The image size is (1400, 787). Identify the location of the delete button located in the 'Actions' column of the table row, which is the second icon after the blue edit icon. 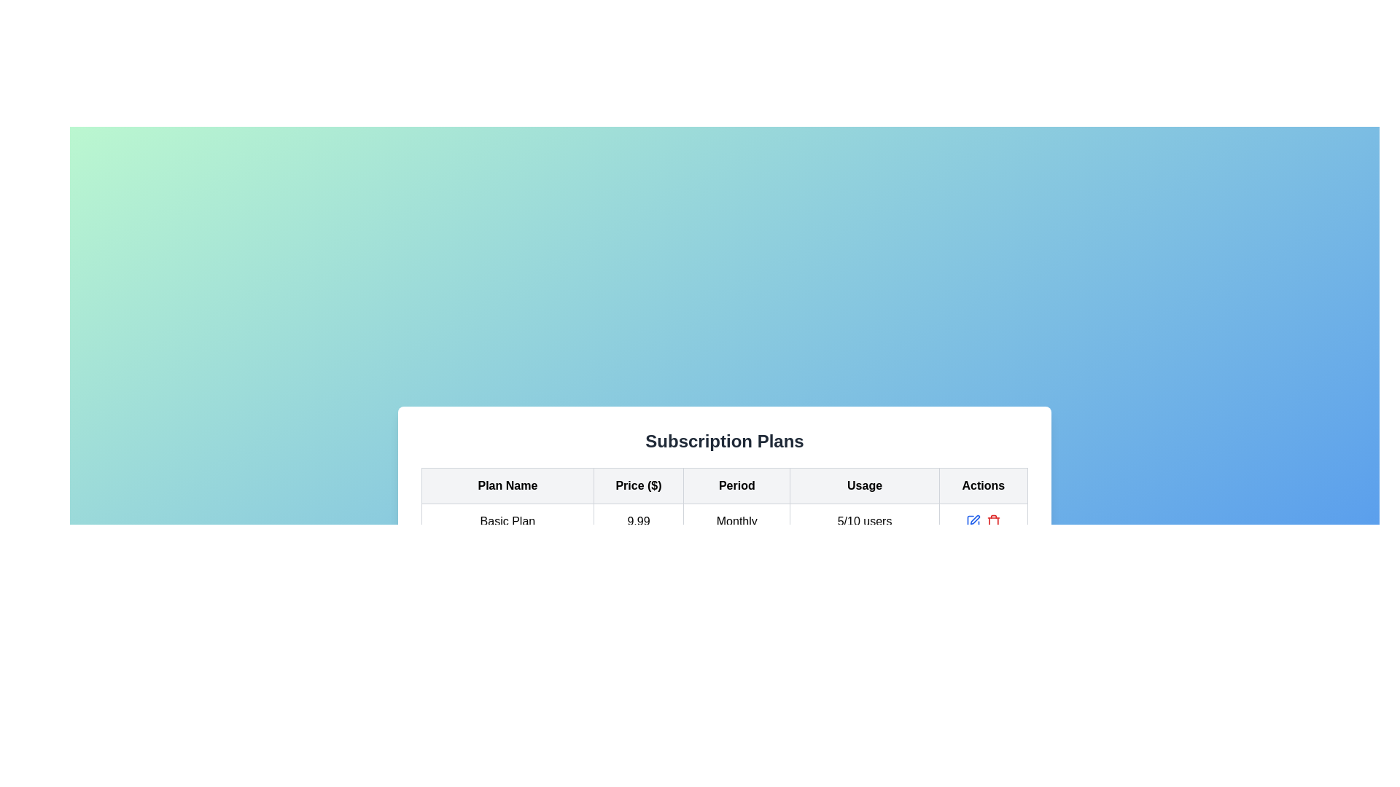
(992, 520).